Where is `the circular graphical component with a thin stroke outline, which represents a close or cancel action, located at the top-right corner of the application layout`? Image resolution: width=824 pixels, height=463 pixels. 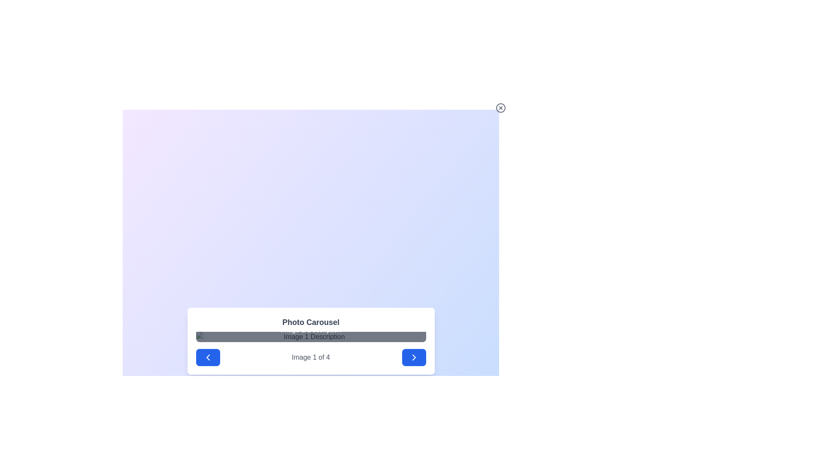
the circular graphical component with a thin stroke outline, which represents a close or cancel action, located at the top-right corner of the application layout is located at coordinates (500, 107).